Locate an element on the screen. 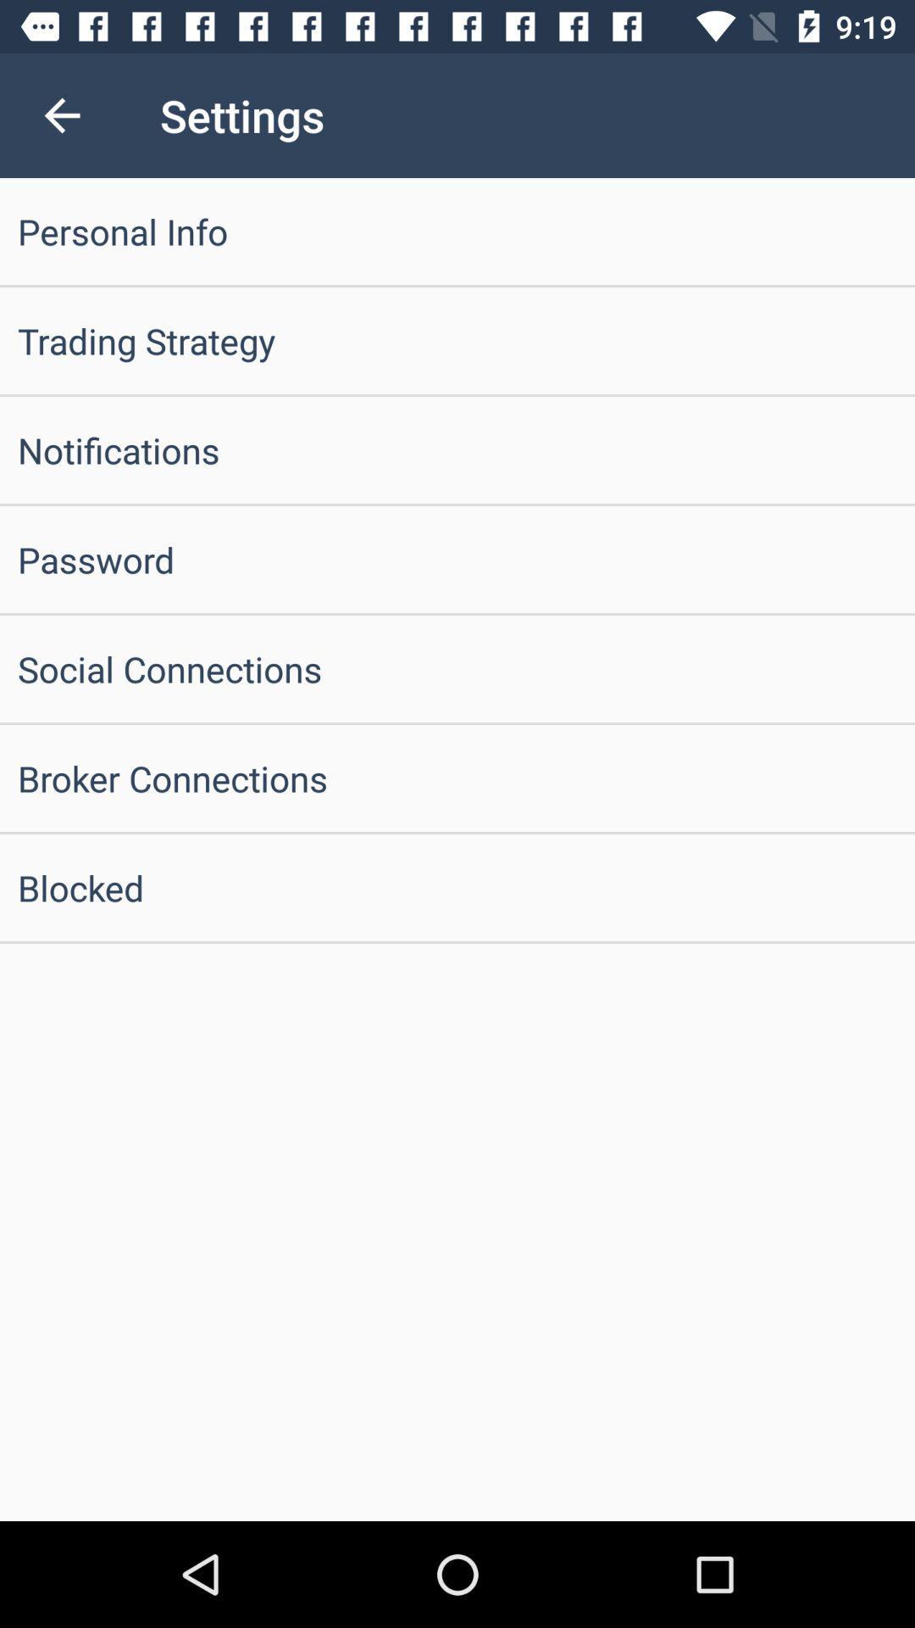 The image size is (915, 1628). item above trading strategy icon is located at coordinates (457, 231).